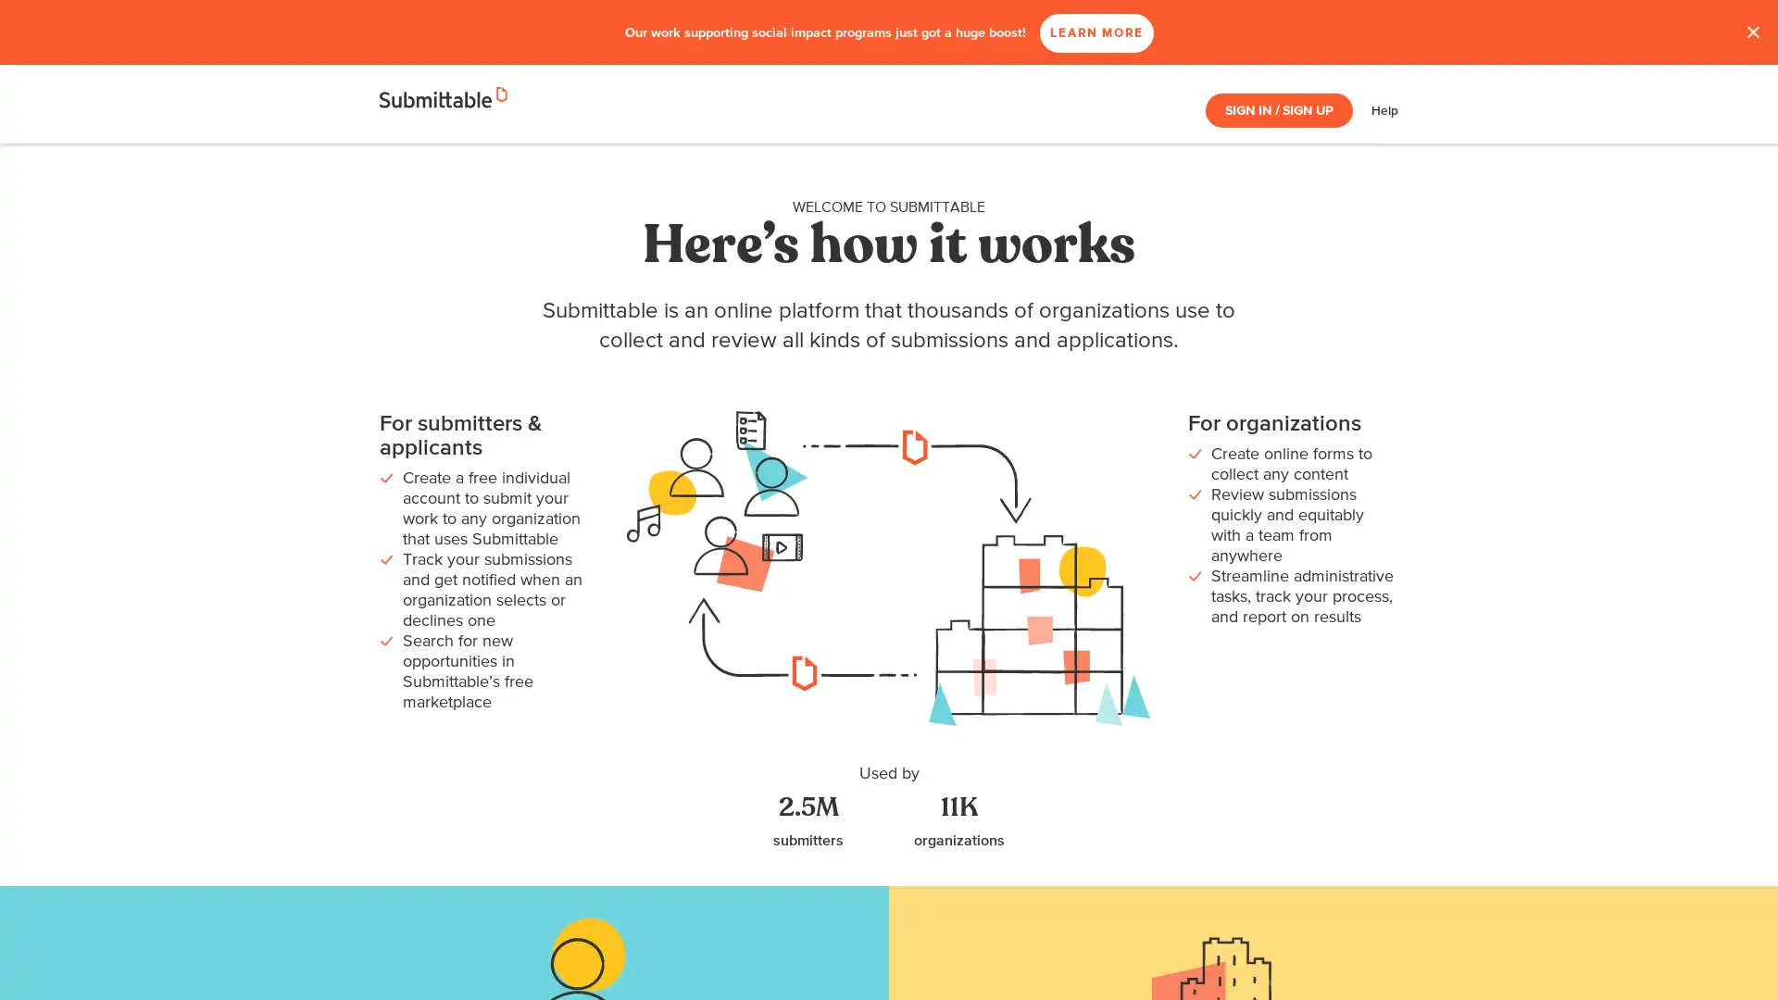  What do you see at coordinates (1278, 110) in the screenshot?
I see `SIGN IN / SIGN UP` at bounding box center [1278, 110].